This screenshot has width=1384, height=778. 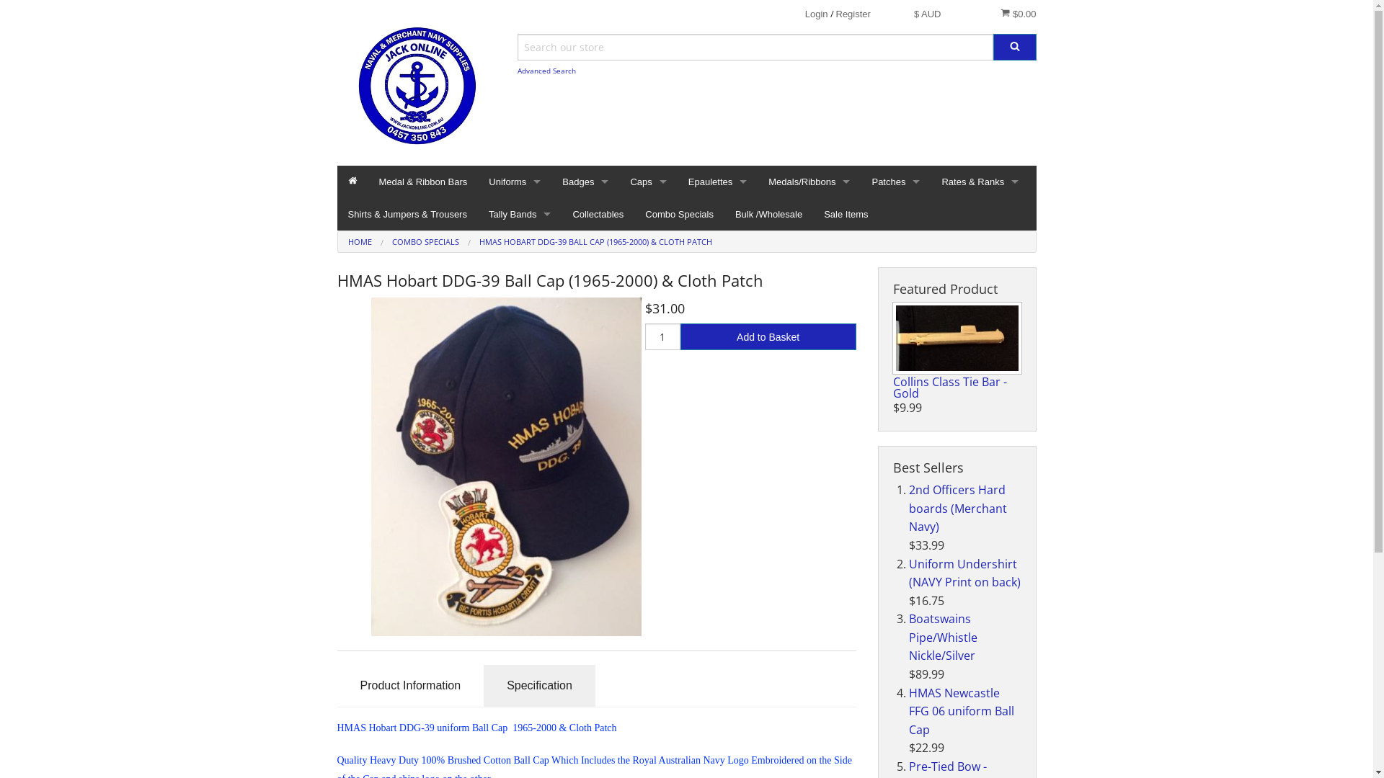 What do you see at coordinates (895, 231) in the screenshot?
I see `'Crest Style Patches'` at bounding box center [895, 231].